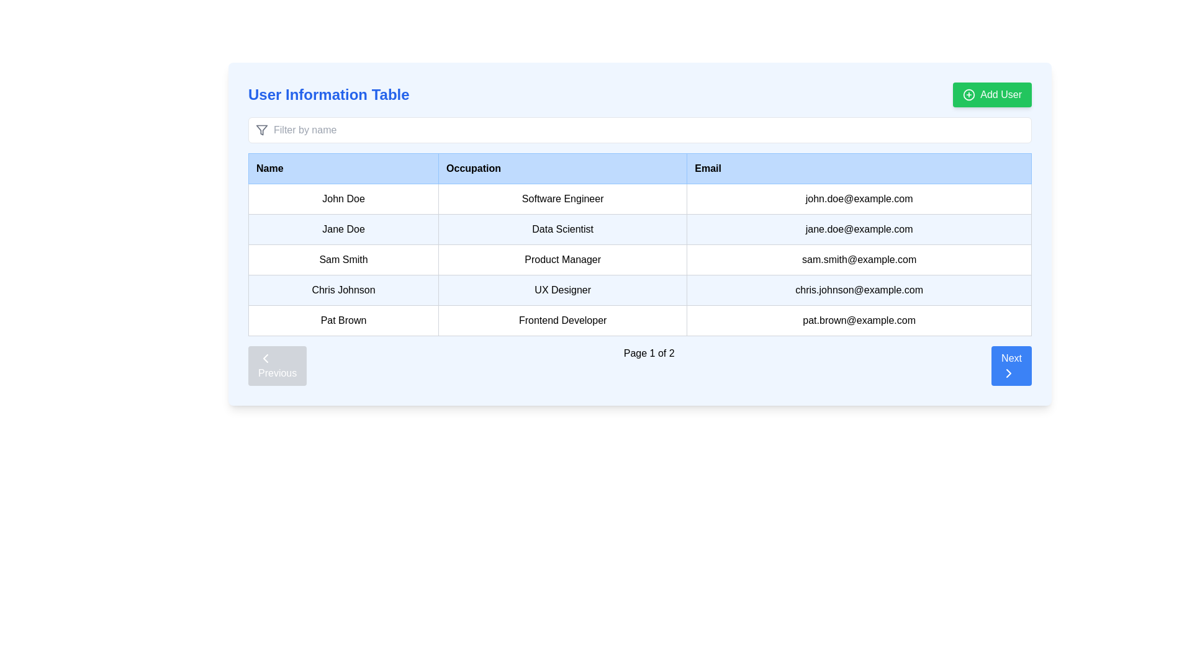 The image size is (1192, 670). What do you see at coordinates (1009, 372) in the screenshot?
I see `the rightward chevron icon with a blue background and white stroke lines, located at the bottom-right of the 'Next' button` at bounding box center [1009, 372].